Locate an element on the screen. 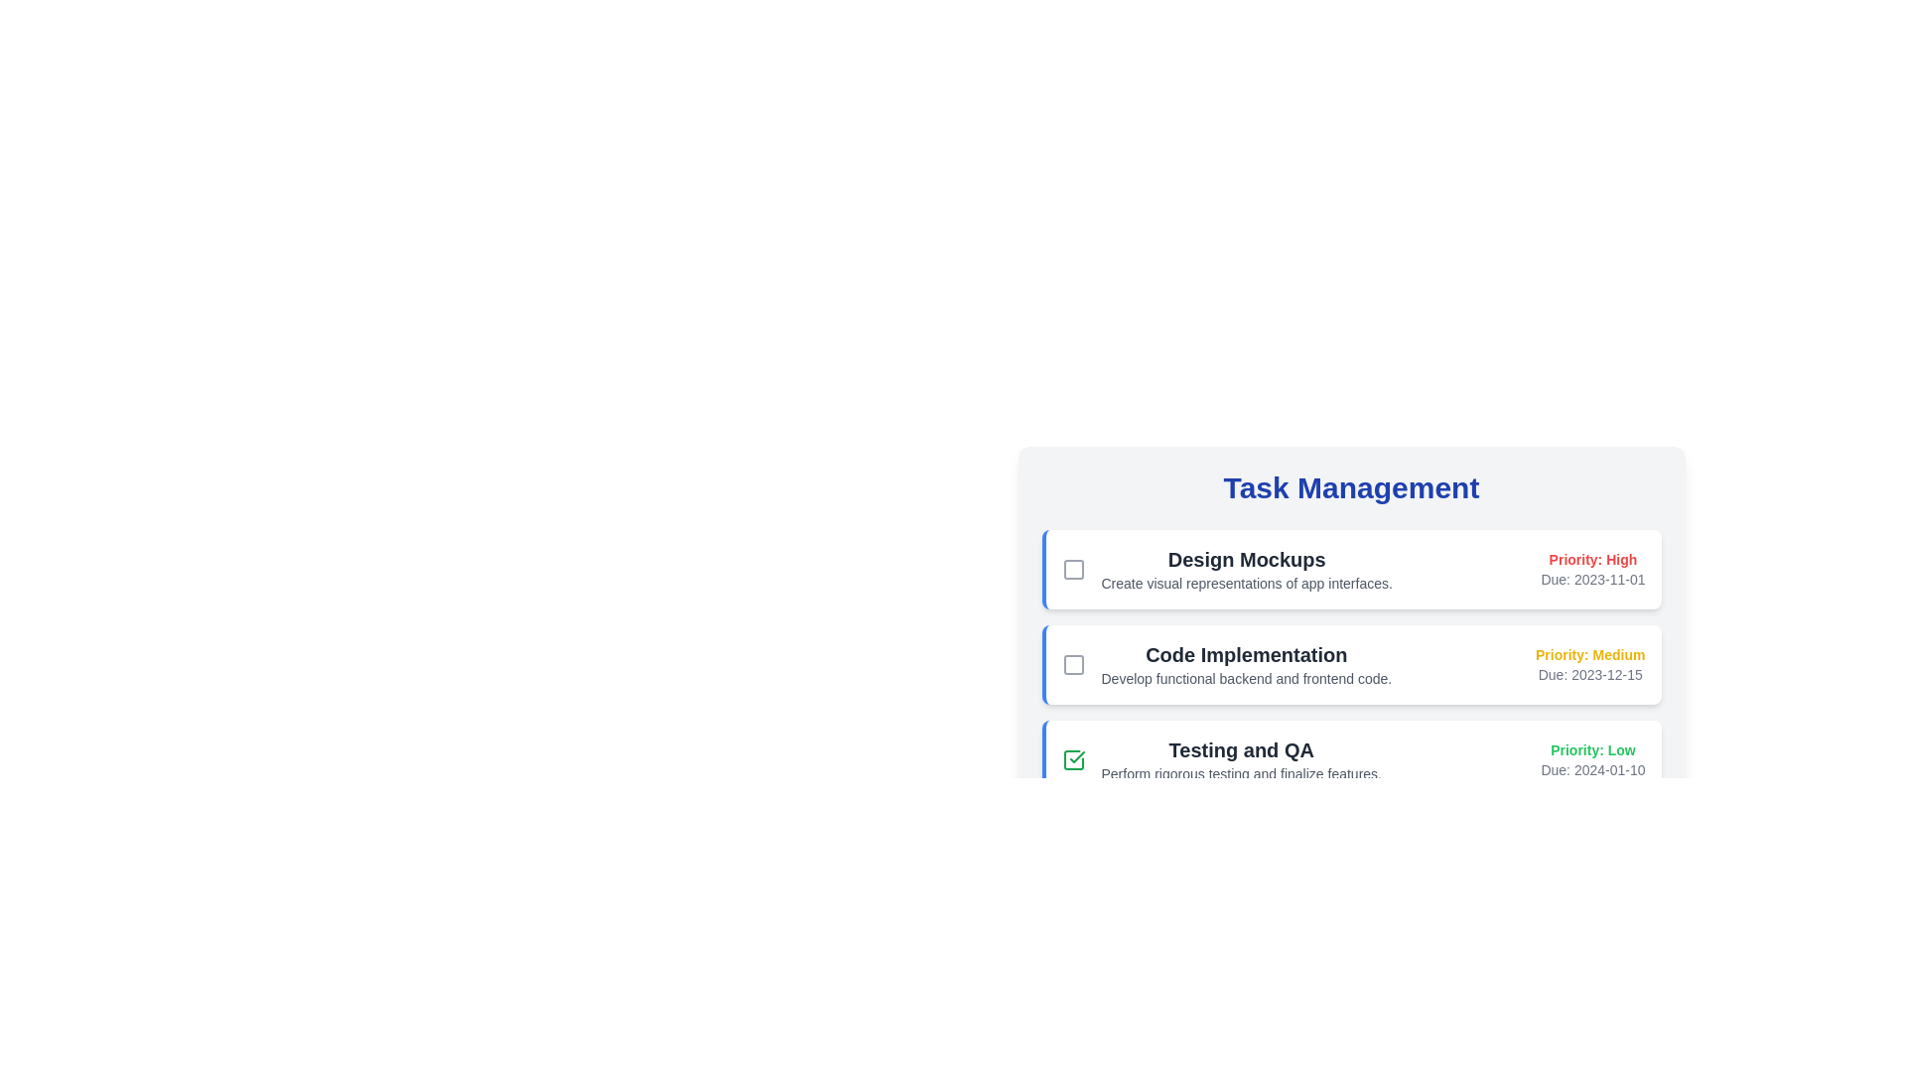 This screenshot has width=1906, height=1072. text content of the task details from the Text block that includes the title and description of the first task item in the task management section is located at coordinates (1246, 570).